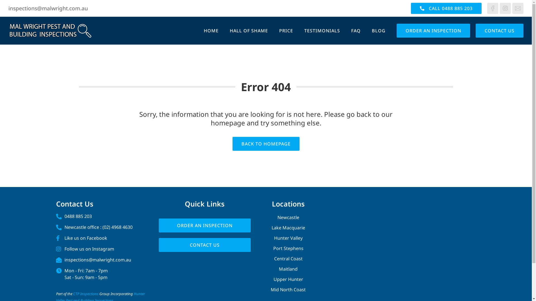 This screenshot has width=536, height=301. What do you see at coordinates (286, 31) in the screenshot?
I see `'PRICE'` at bounding box center [286, 31].